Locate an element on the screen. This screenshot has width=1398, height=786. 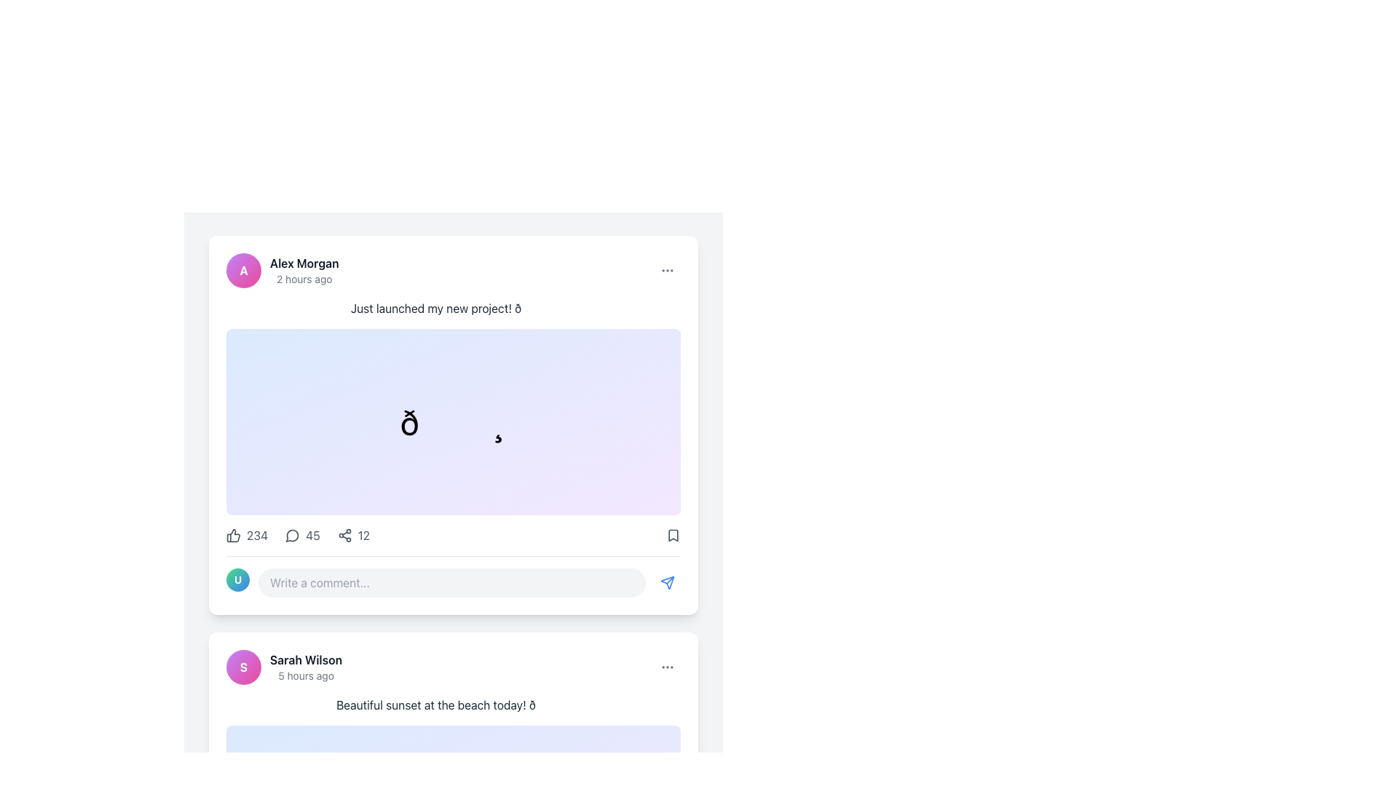
the text label displaying the share count, which is located to the right of the share icon in the lower section of the post interface is located at coordinates (363, 536).